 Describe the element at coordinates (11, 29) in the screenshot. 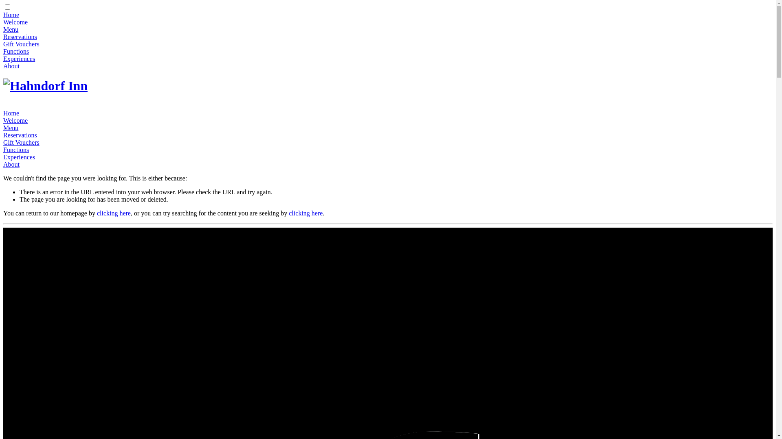

I see `'Menu'` at that location.